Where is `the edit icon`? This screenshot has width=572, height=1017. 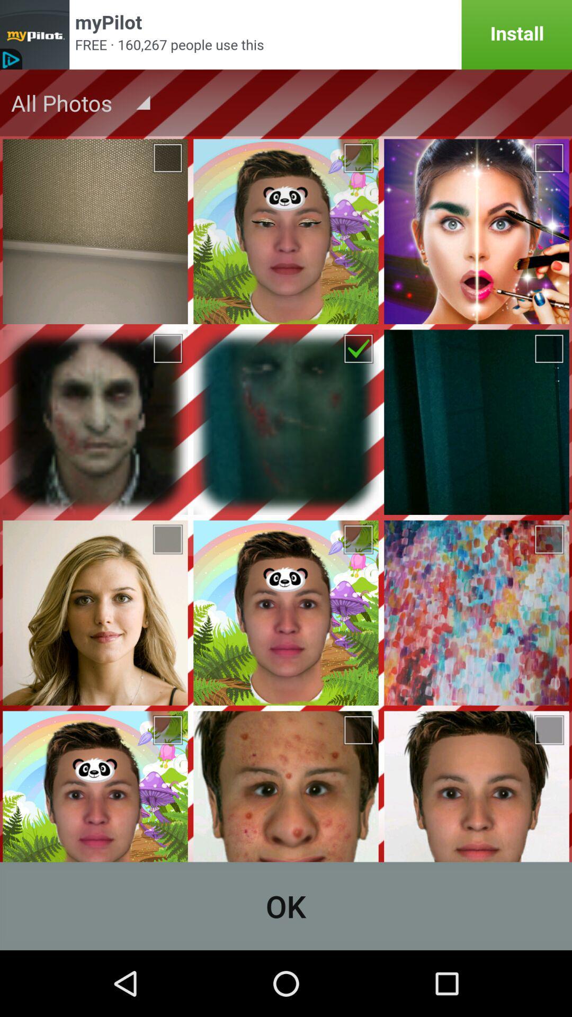
the edit icon is located at coordinates (532, 117).